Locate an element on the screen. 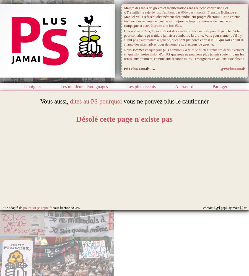  'Site adapté de' is located at coordinates (12, 208).